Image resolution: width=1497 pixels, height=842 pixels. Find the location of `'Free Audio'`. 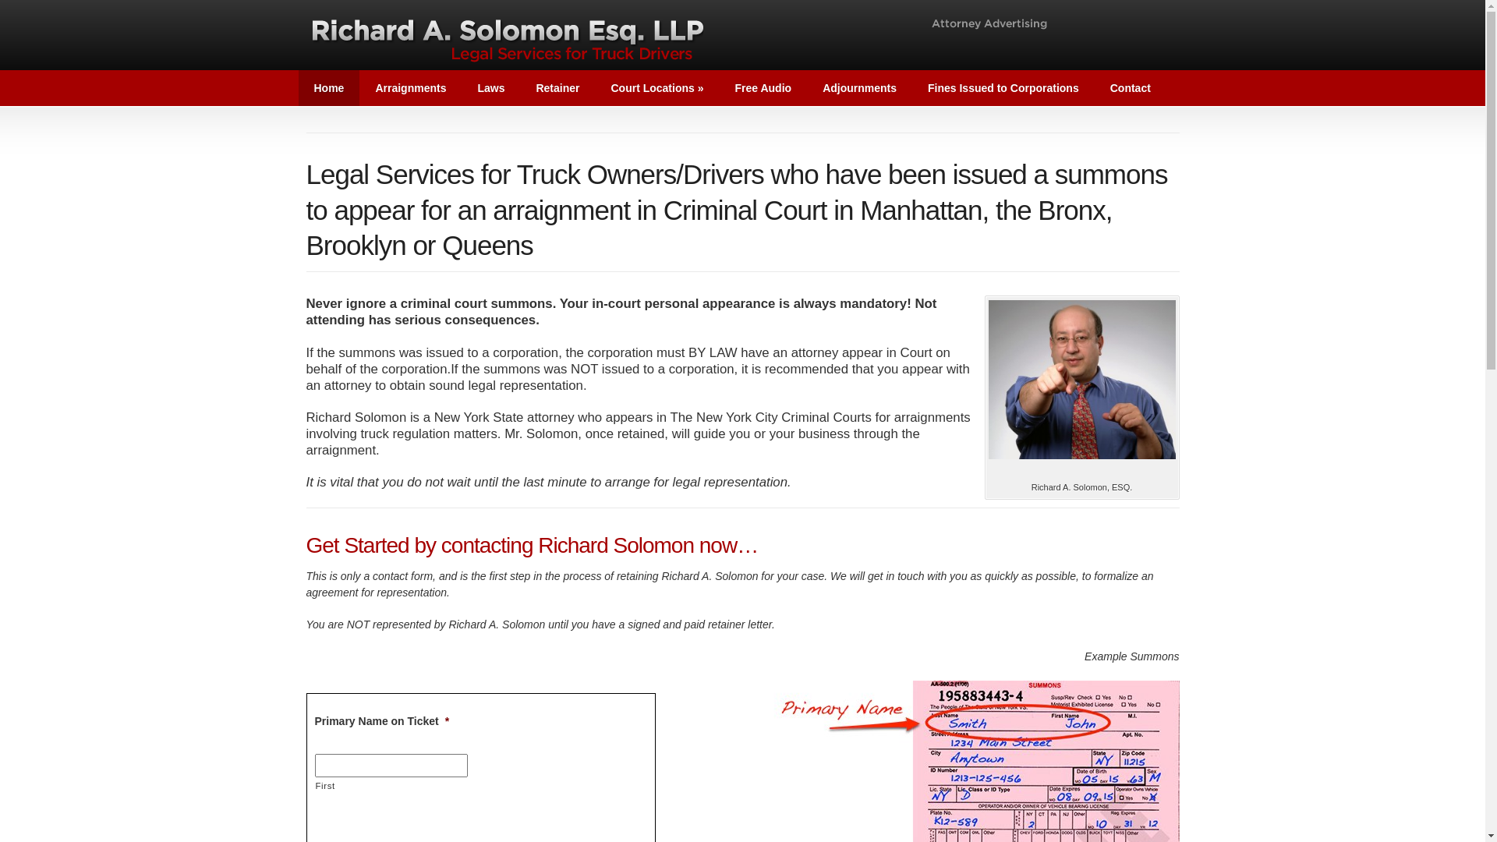

'Free Audio' is located at coordinates (763, 87).